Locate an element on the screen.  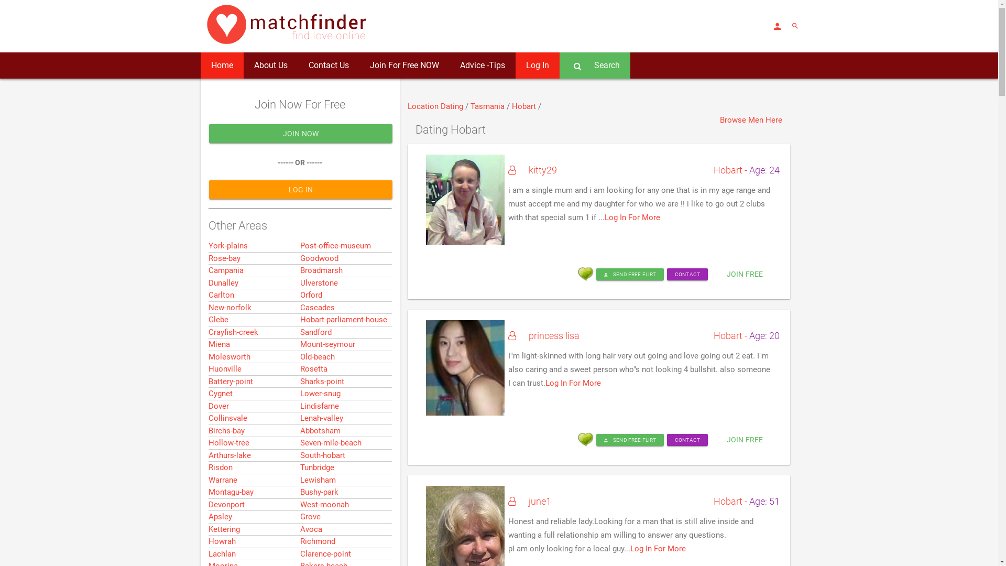
'Campania' is located at coordinates (225, 270).